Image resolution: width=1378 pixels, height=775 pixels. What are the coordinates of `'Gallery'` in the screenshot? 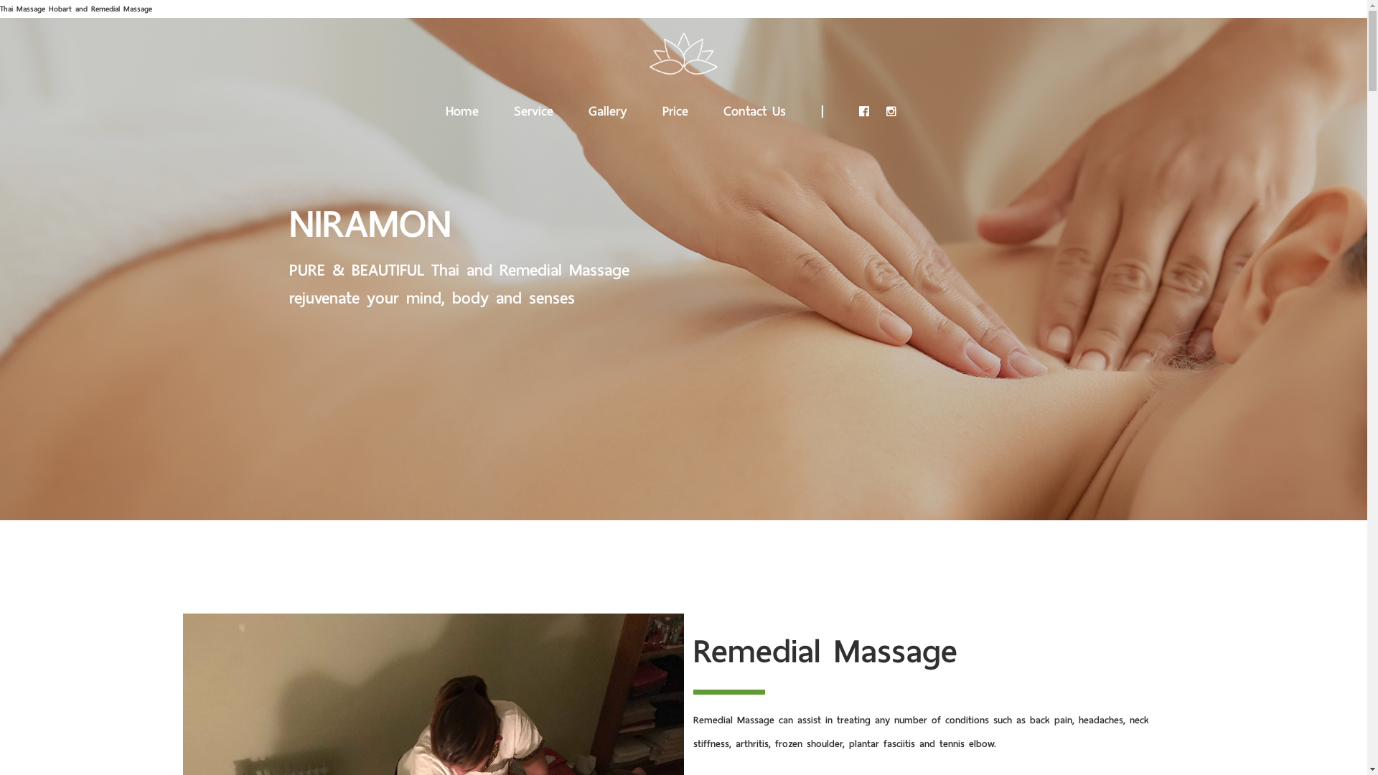 It's located at (607, 107).